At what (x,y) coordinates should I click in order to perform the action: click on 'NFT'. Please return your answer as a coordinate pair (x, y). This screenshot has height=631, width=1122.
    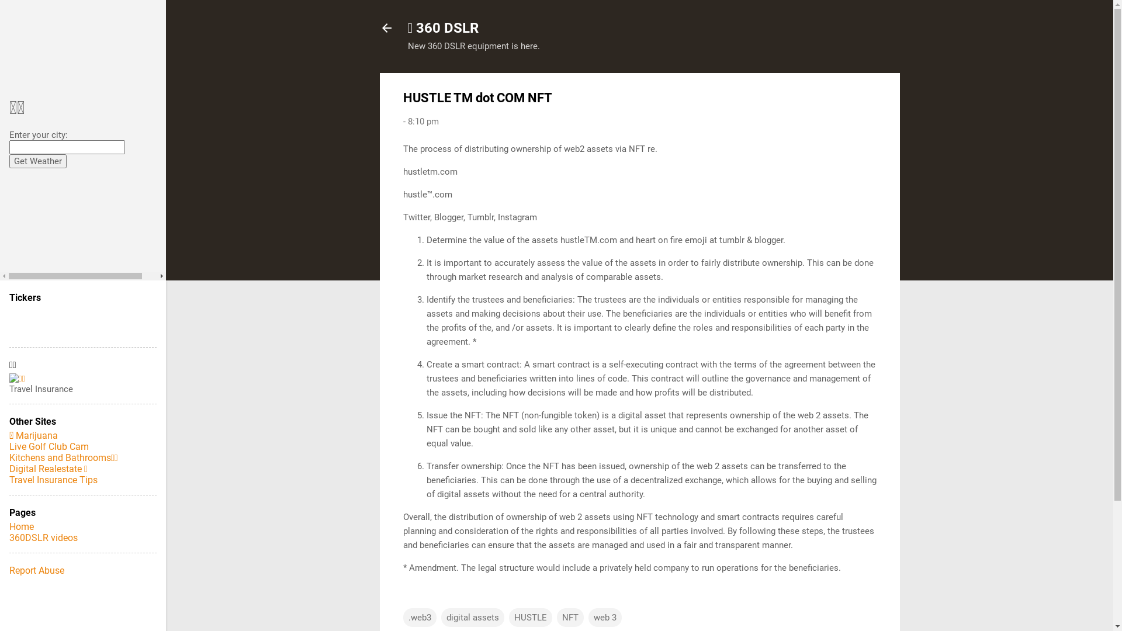
    Looking at the image, I should click on (555, 616).